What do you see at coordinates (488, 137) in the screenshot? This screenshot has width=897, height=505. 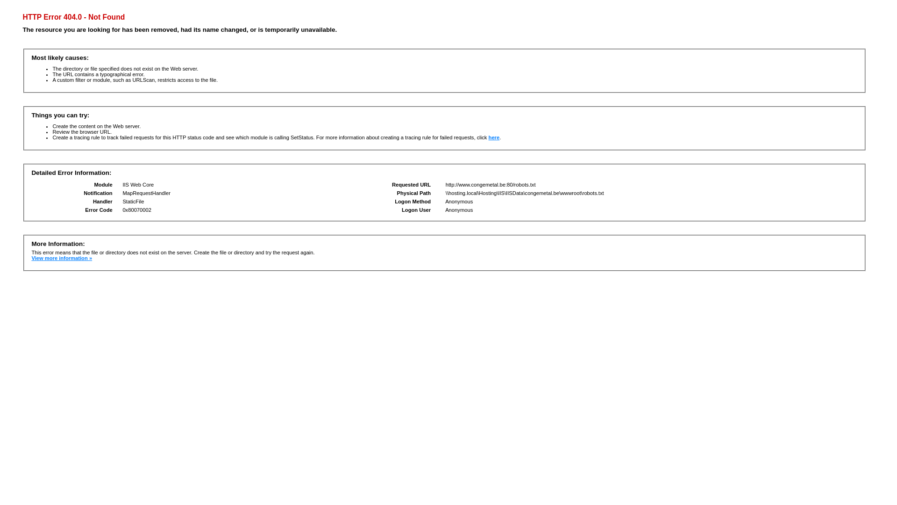 I see `'here'` at bounding box center [488, 137].